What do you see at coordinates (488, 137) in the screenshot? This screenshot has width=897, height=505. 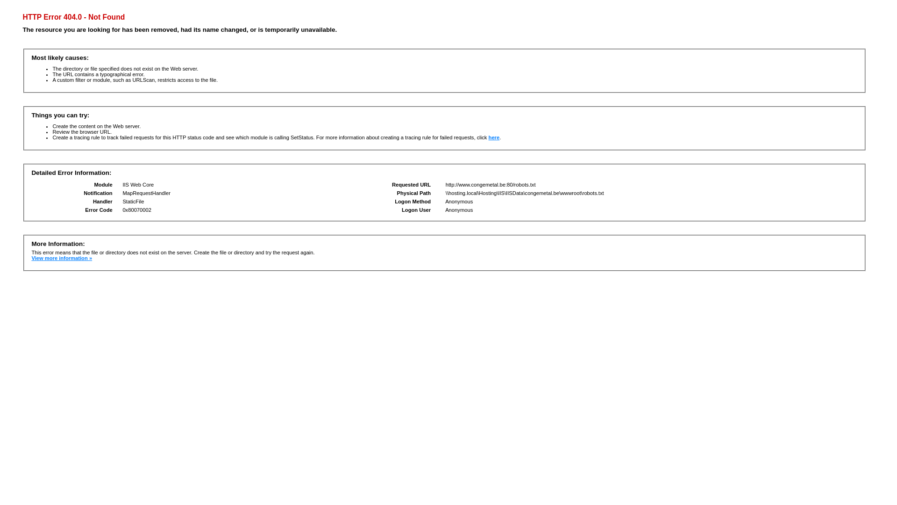 I see `'here'` at bounding box center [488, 137].